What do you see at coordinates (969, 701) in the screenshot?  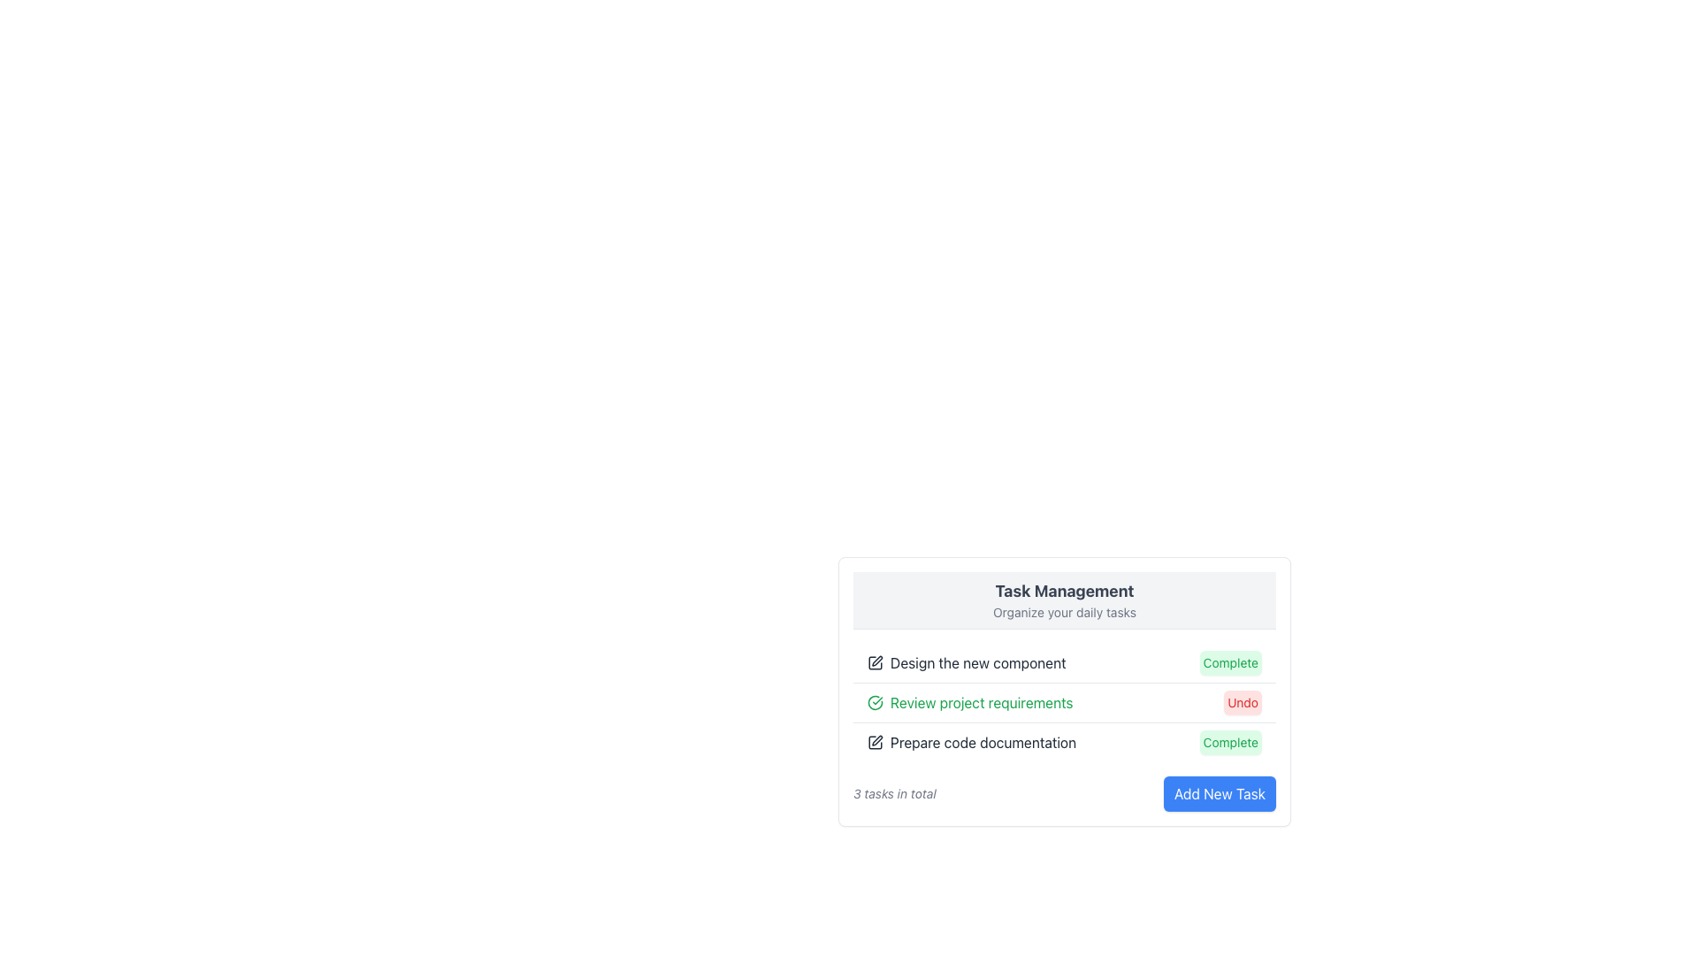 I see `the Text Label with Icon indicating the completed task 'Review project requirements', which is positioned below 'Design the new component' and above 'Prepare code documentation'` at bounding box center [969, 701].